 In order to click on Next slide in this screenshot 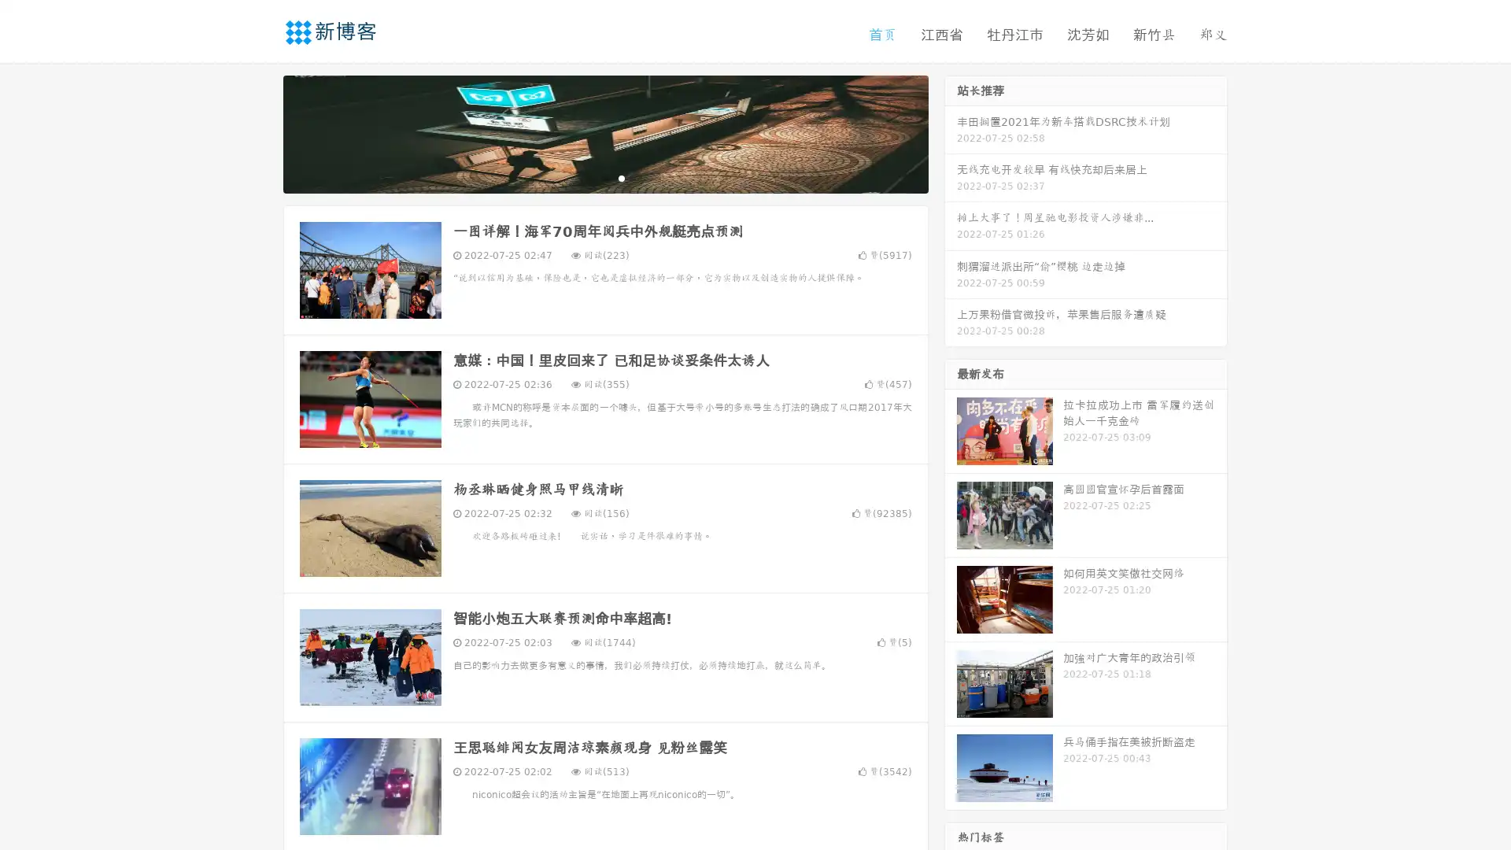, I will do `click(951, 132)`.